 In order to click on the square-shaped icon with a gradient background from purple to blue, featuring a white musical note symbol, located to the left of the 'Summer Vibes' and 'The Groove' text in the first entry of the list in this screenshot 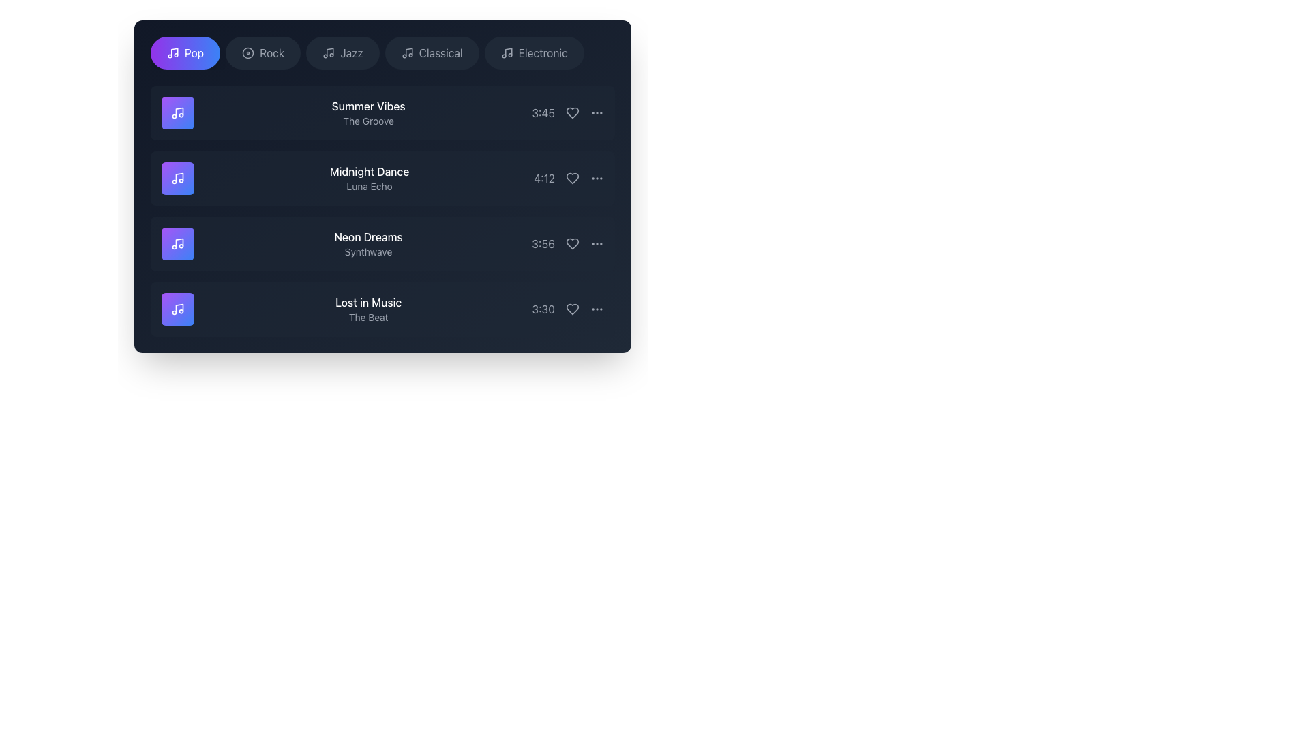, I will do `click(177, 112)`.